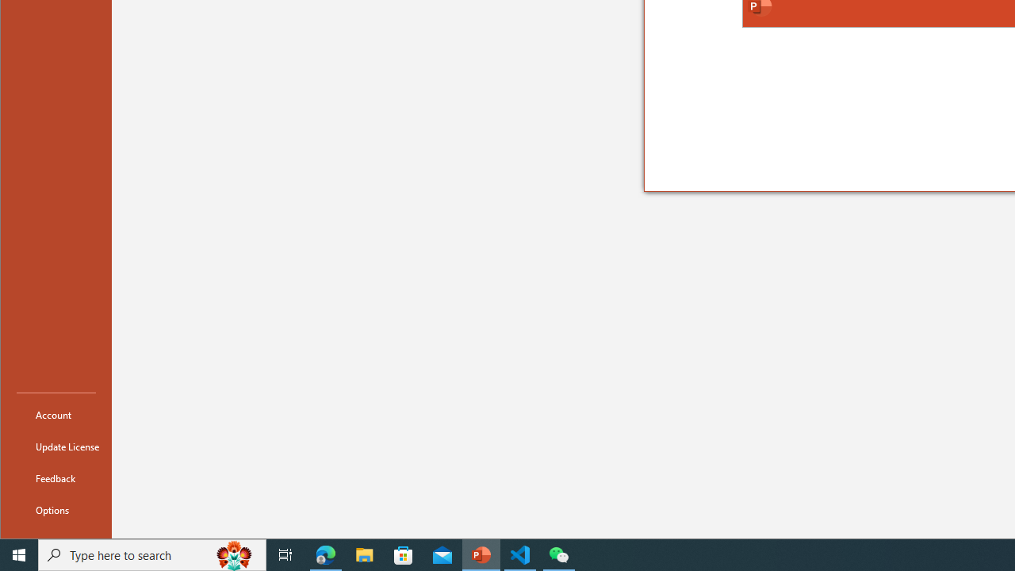 The image size is (1015, 571). I want to click on 'File Explorer', so click(364, 554).